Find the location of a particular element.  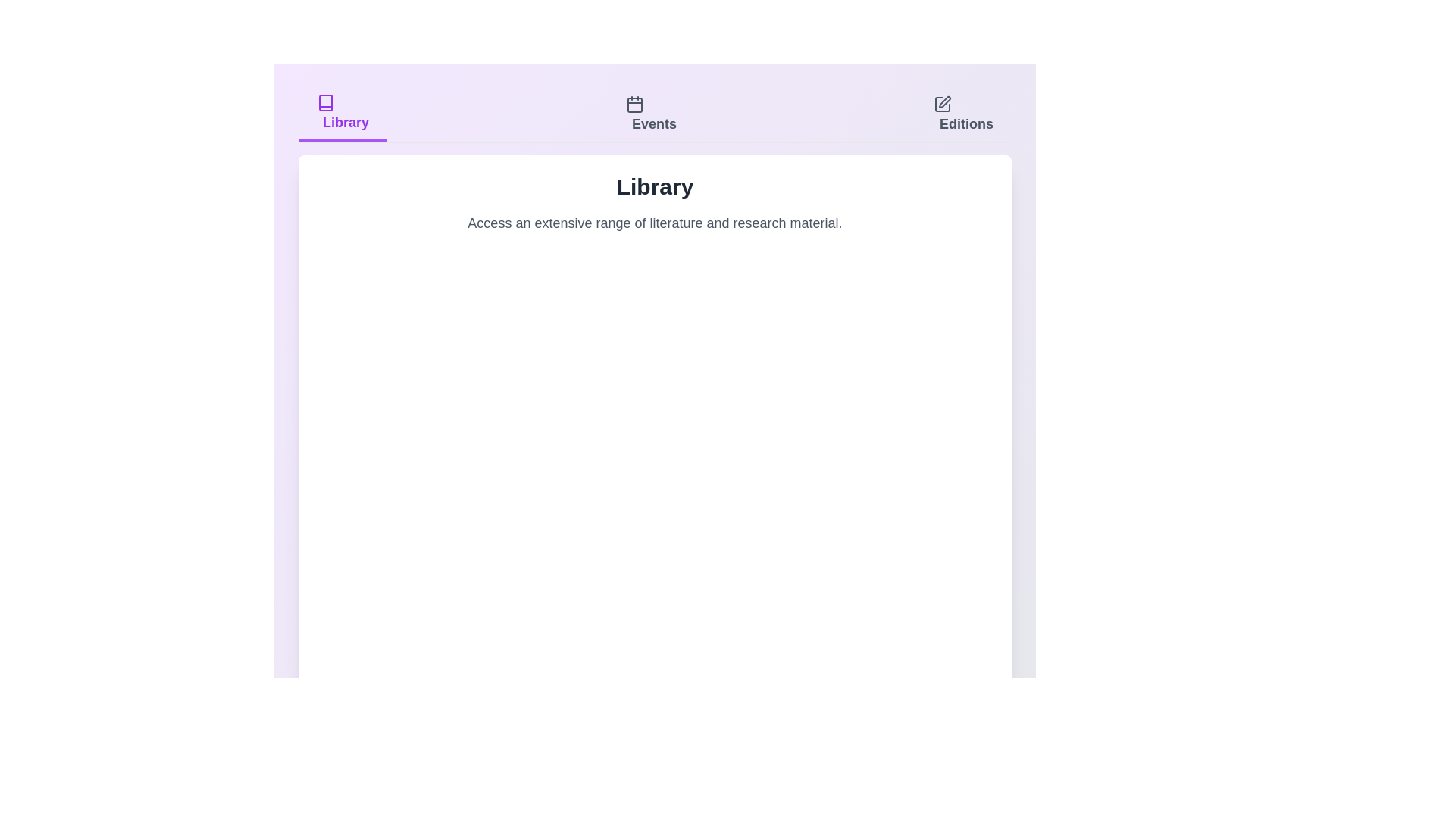

the Events tab by clicking on its title or icon is located at coordinates (651, 114).